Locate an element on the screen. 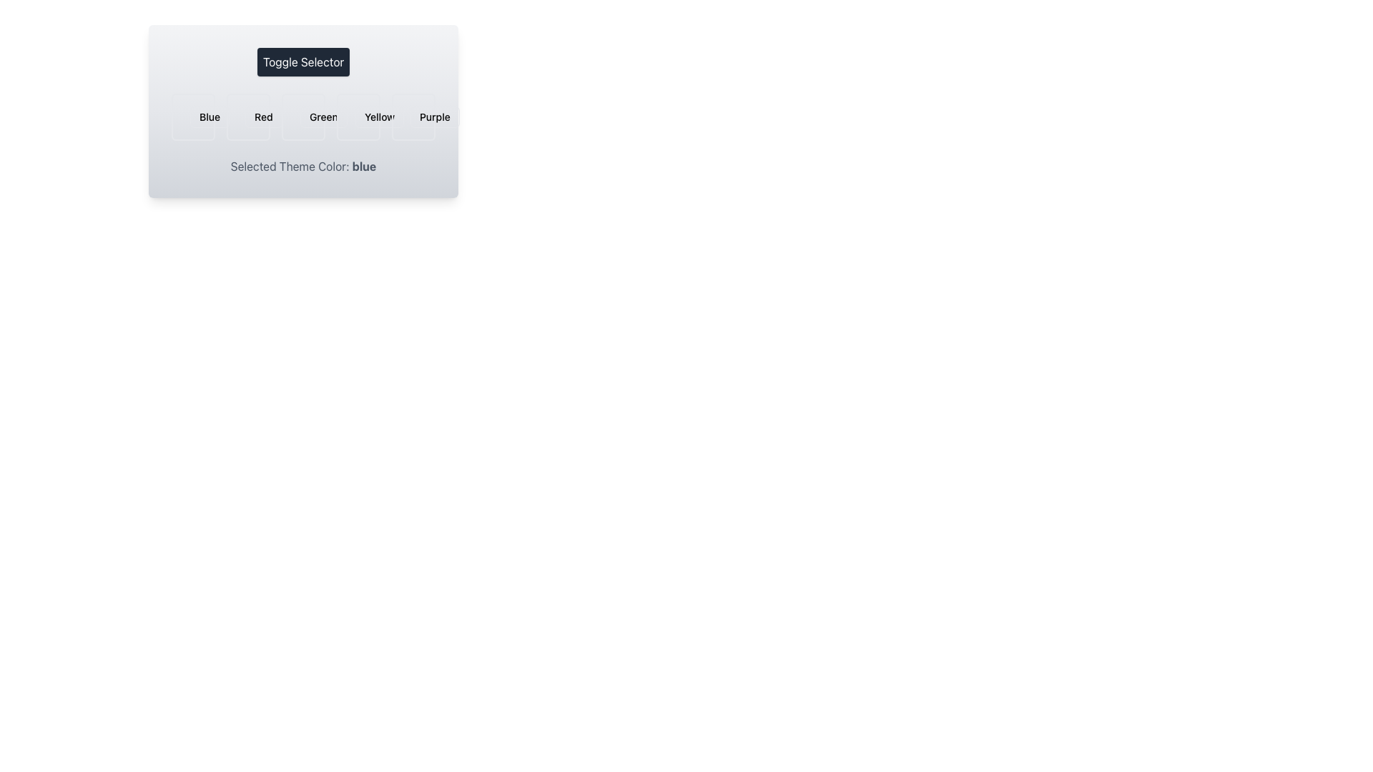 This screenshot has height=772, width=1373. the small, purple, droplet-shaped icon located on the rightmost side of the row of theme color icons is located at coordinates (412, 117).